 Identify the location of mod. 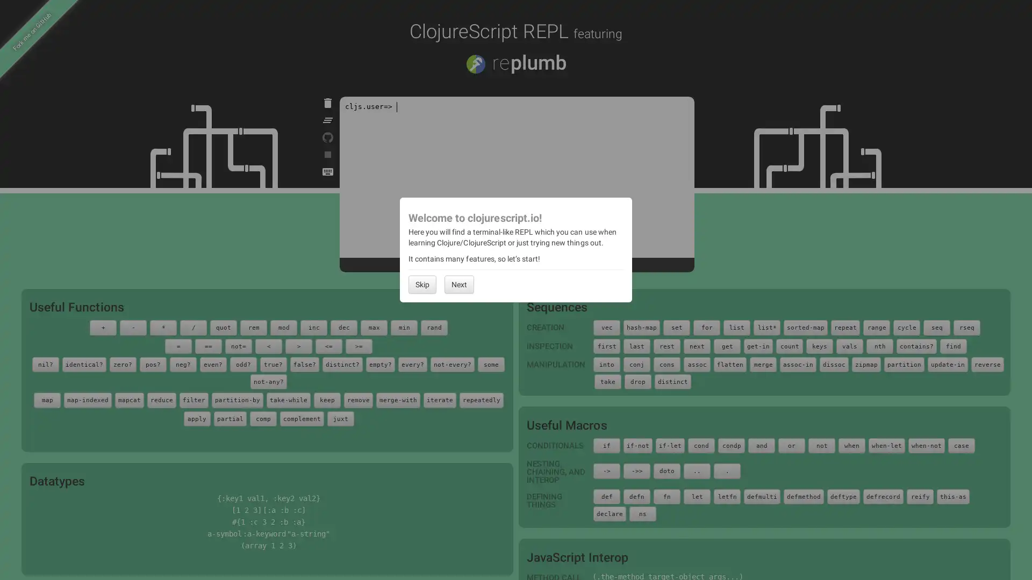
(284, 327).